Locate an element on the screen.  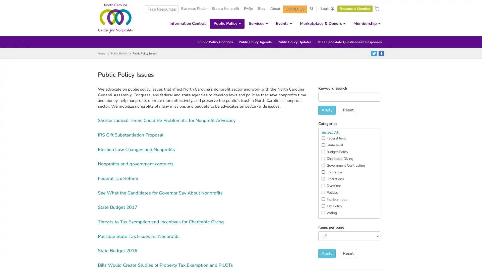
Apply is located at coordinates (327, 253).